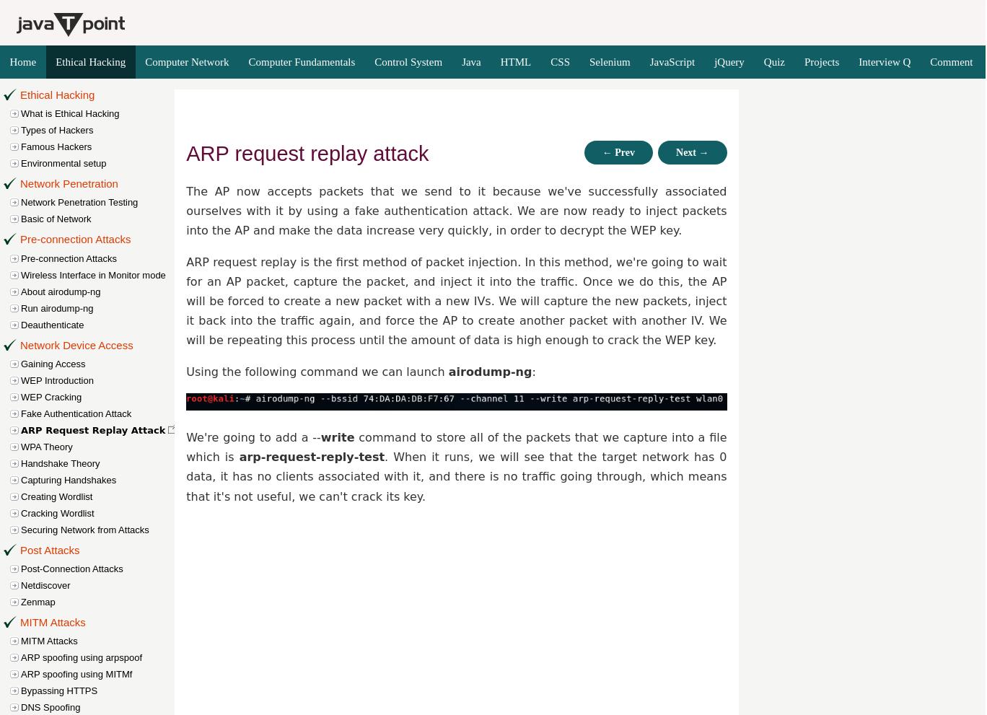 This screenshot has width=987, height=715. What do you see at coordinates (57, 94) in the screenshot?
I see `'Ethical Hacking'` at bounding box center [57, 94].